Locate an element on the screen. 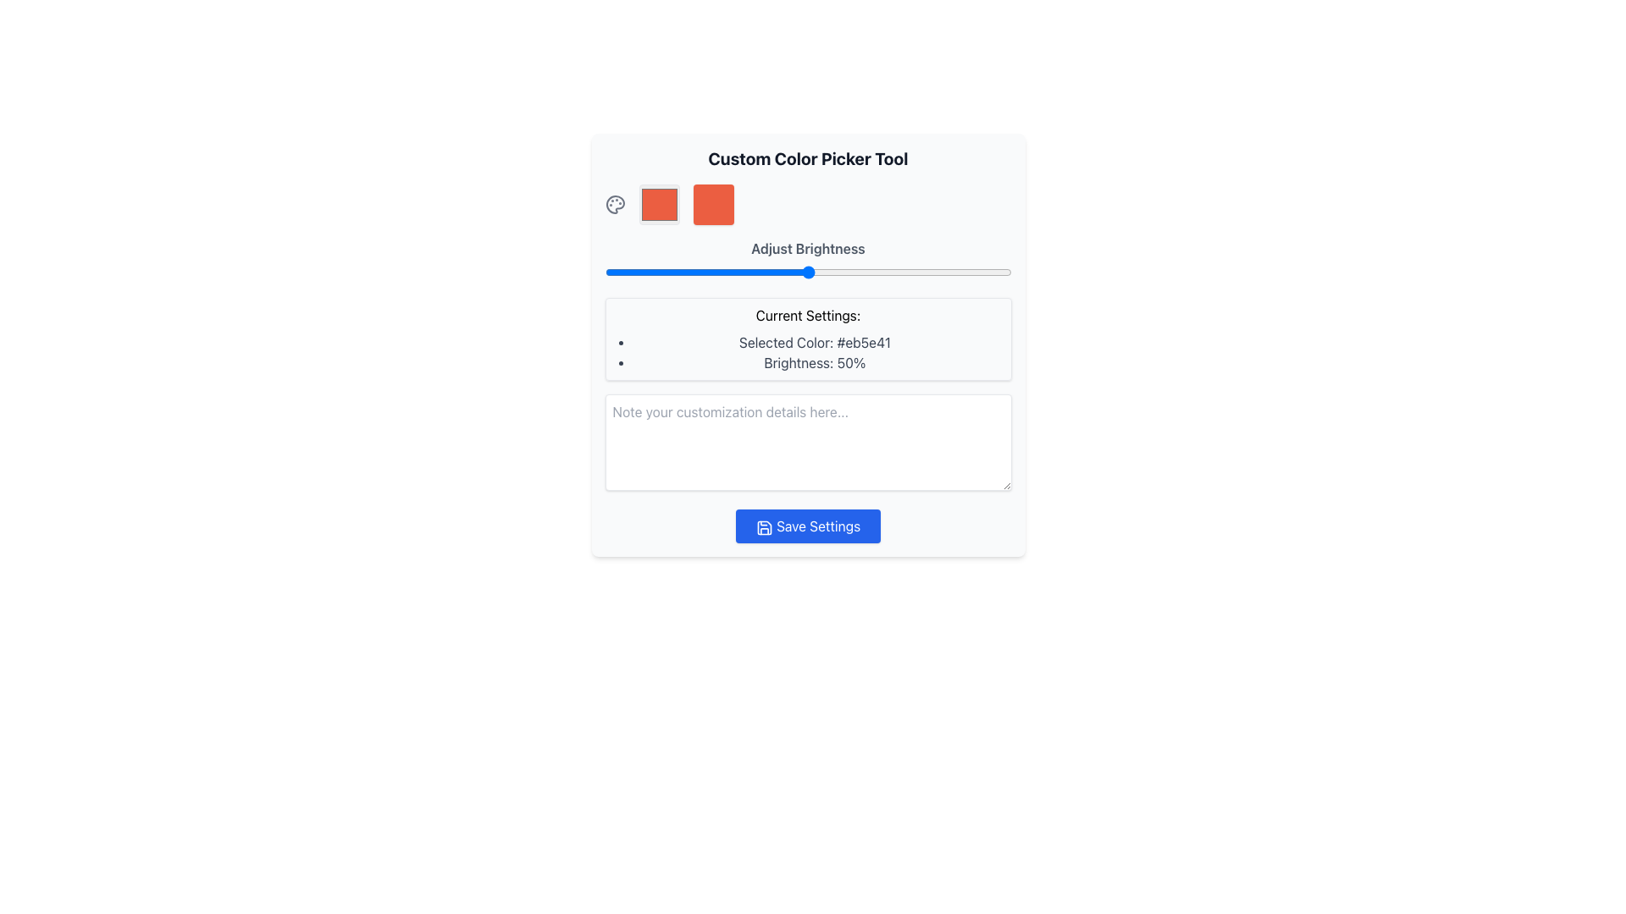  the brightness is located at coordinates (975, 271).